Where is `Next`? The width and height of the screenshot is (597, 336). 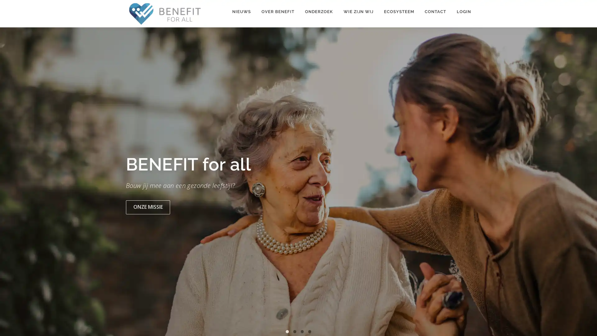
Next is located at coordinates (585, 183).